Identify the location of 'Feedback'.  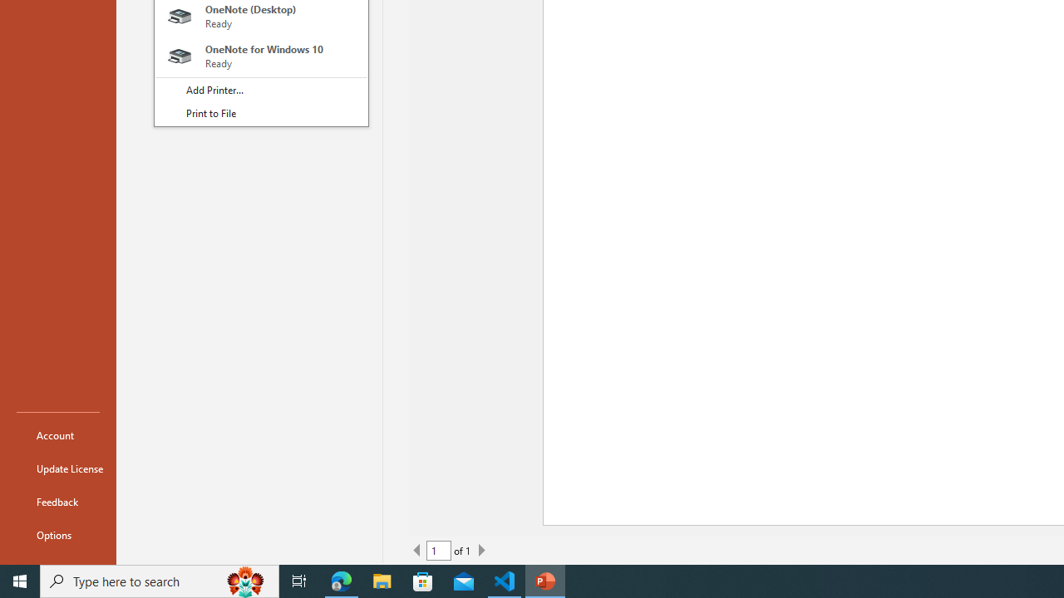
(57, 501).